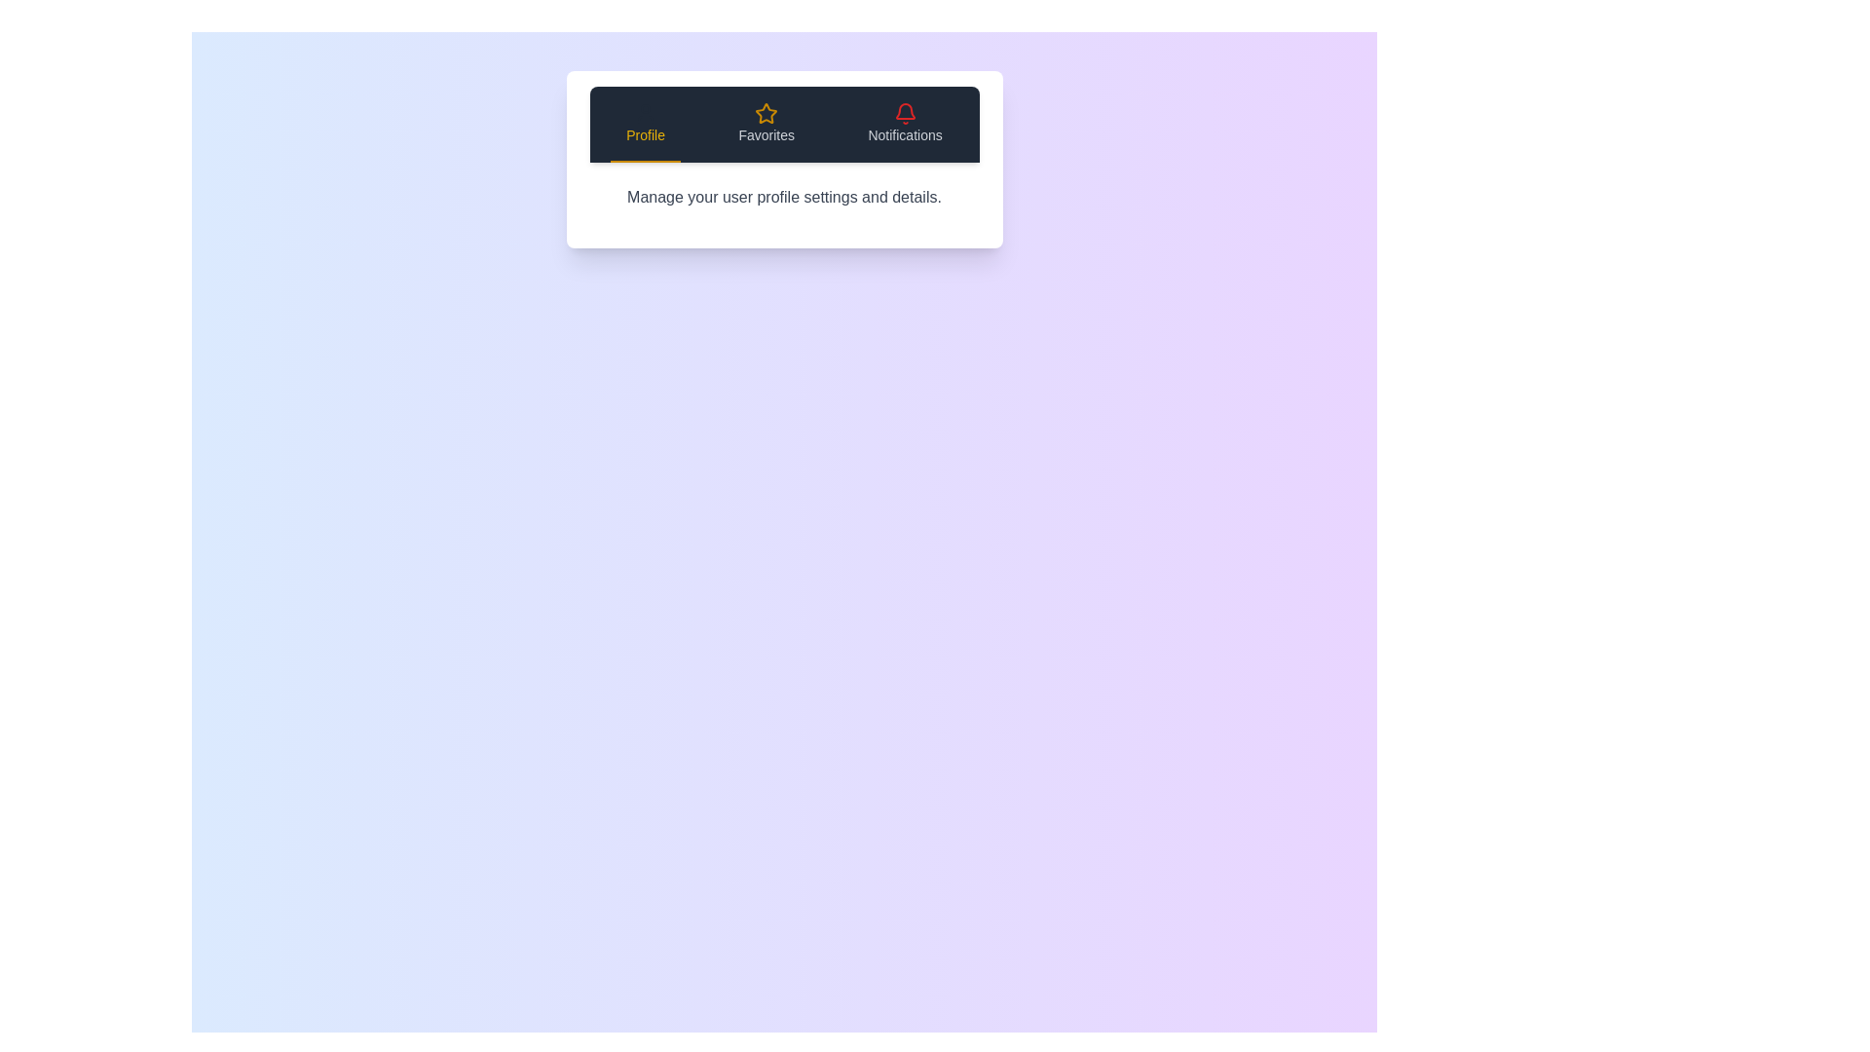  I want to click on the icon of the Favorites tab, so click(766, 113).